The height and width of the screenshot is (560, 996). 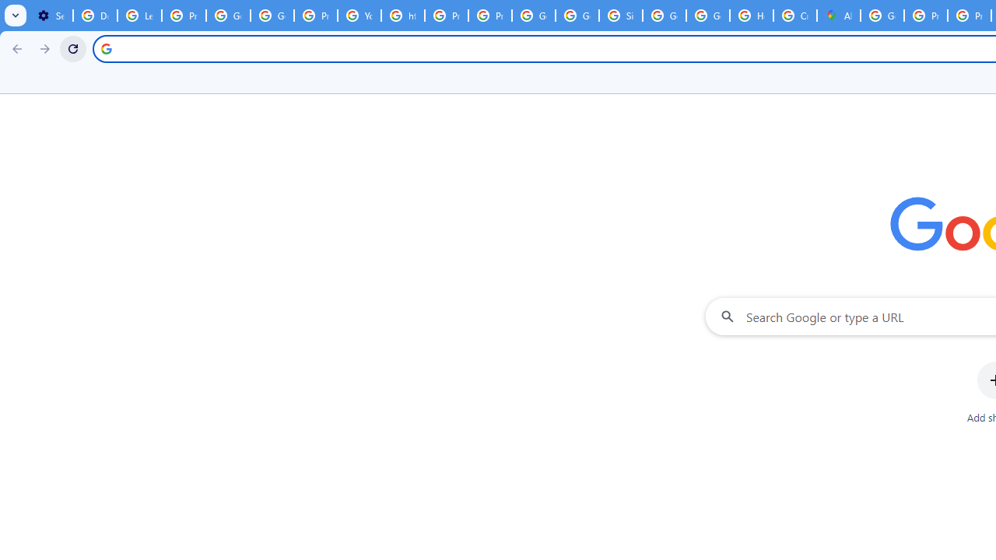 What do you see at coordinates (620, 16) in the screenshot?
I see `'Sign in - Google Accounts'` at bounding box center [620, 16].